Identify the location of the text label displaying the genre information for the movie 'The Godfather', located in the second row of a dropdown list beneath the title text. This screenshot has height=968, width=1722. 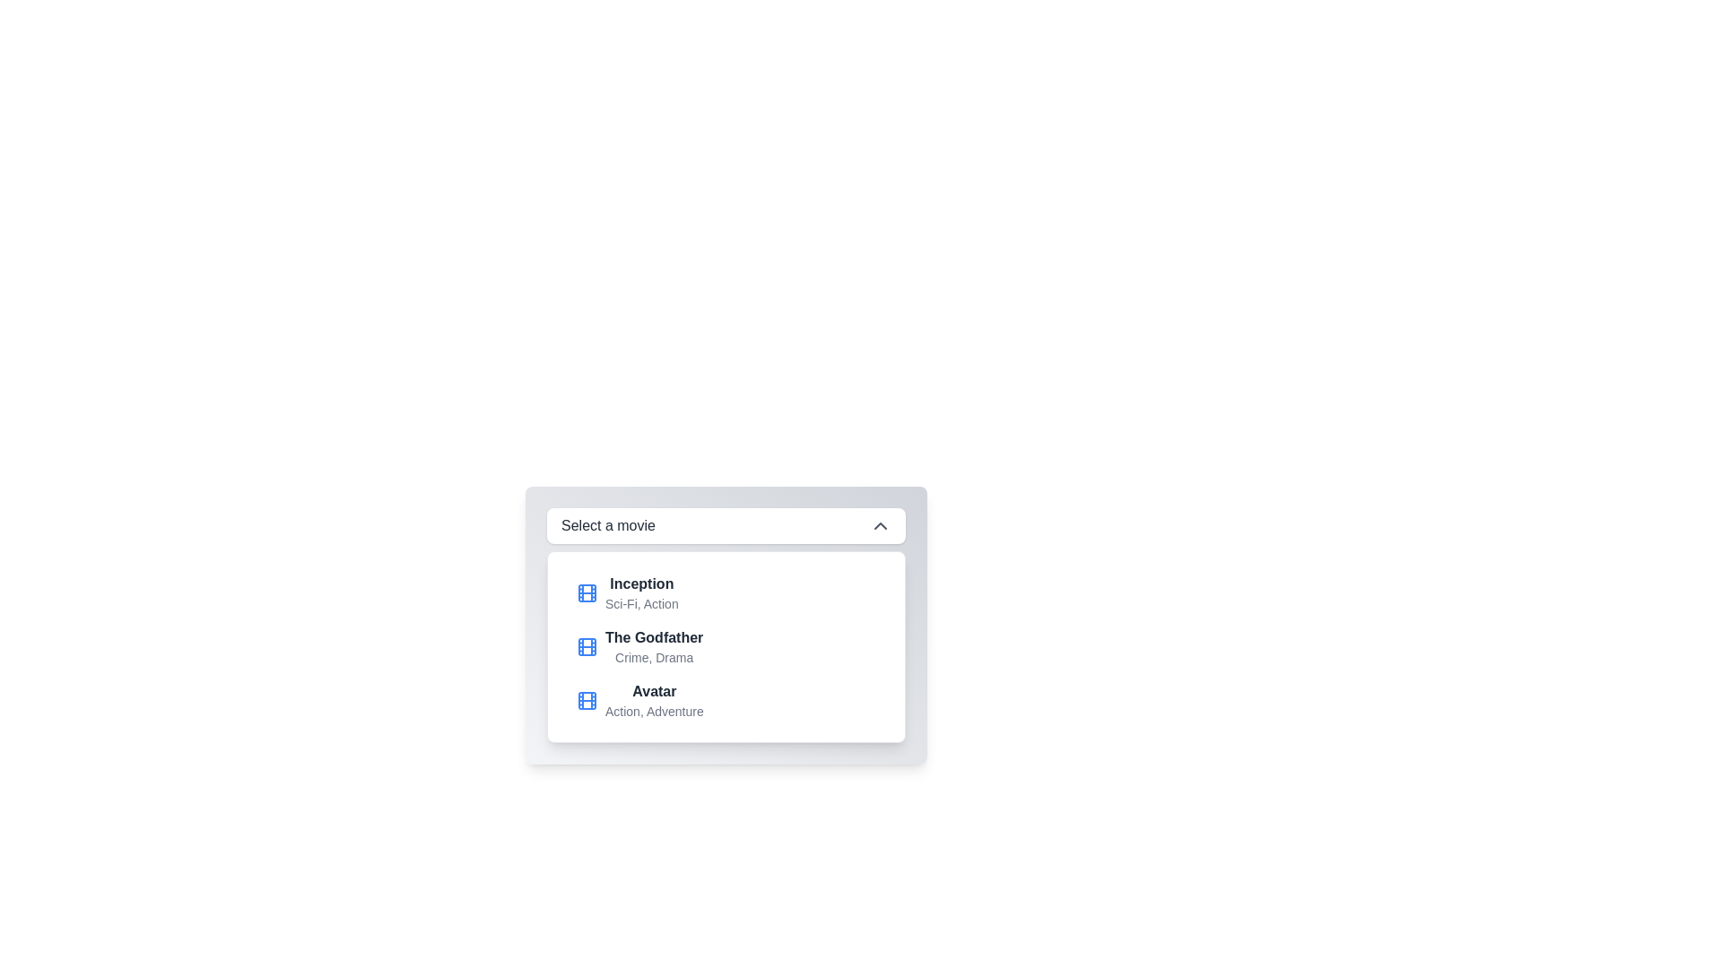
(653, 657).